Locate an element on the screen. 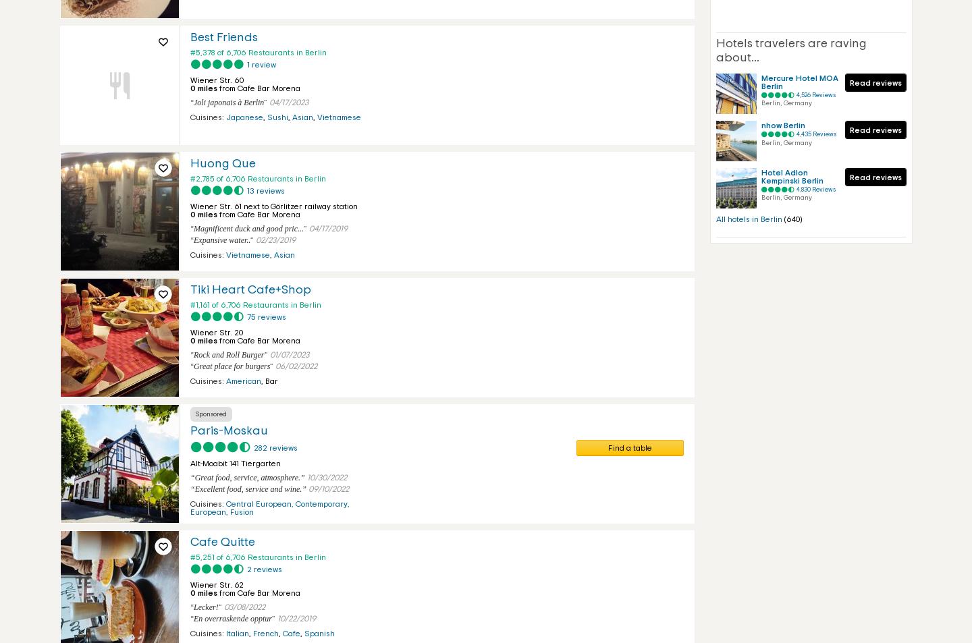 This screenshot has width=972, height=643. '(640)' is located at coordinates (793, 218).